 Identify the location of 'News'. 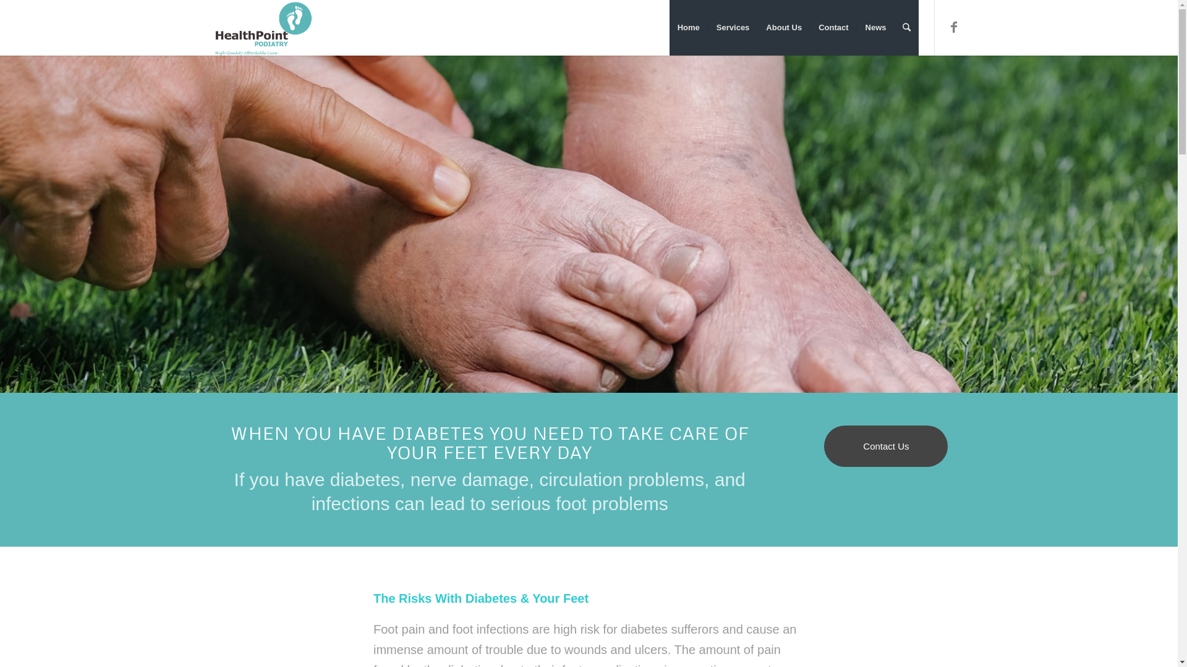
(875, 28).